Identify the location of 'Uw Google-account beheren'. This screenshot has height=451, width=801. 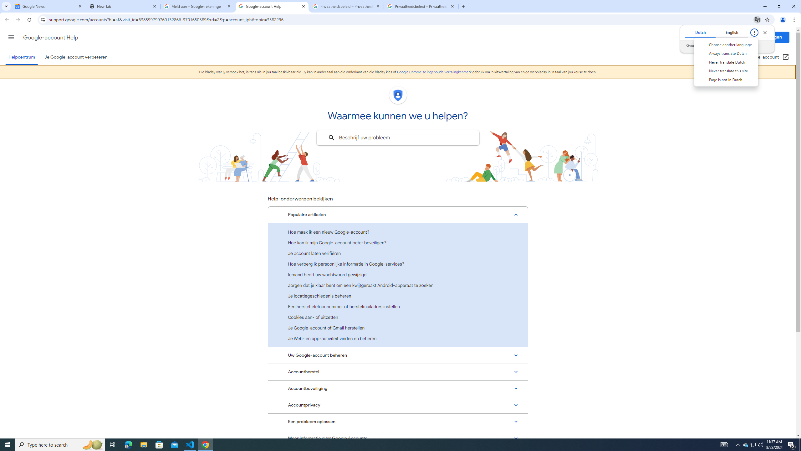
(398, 355).